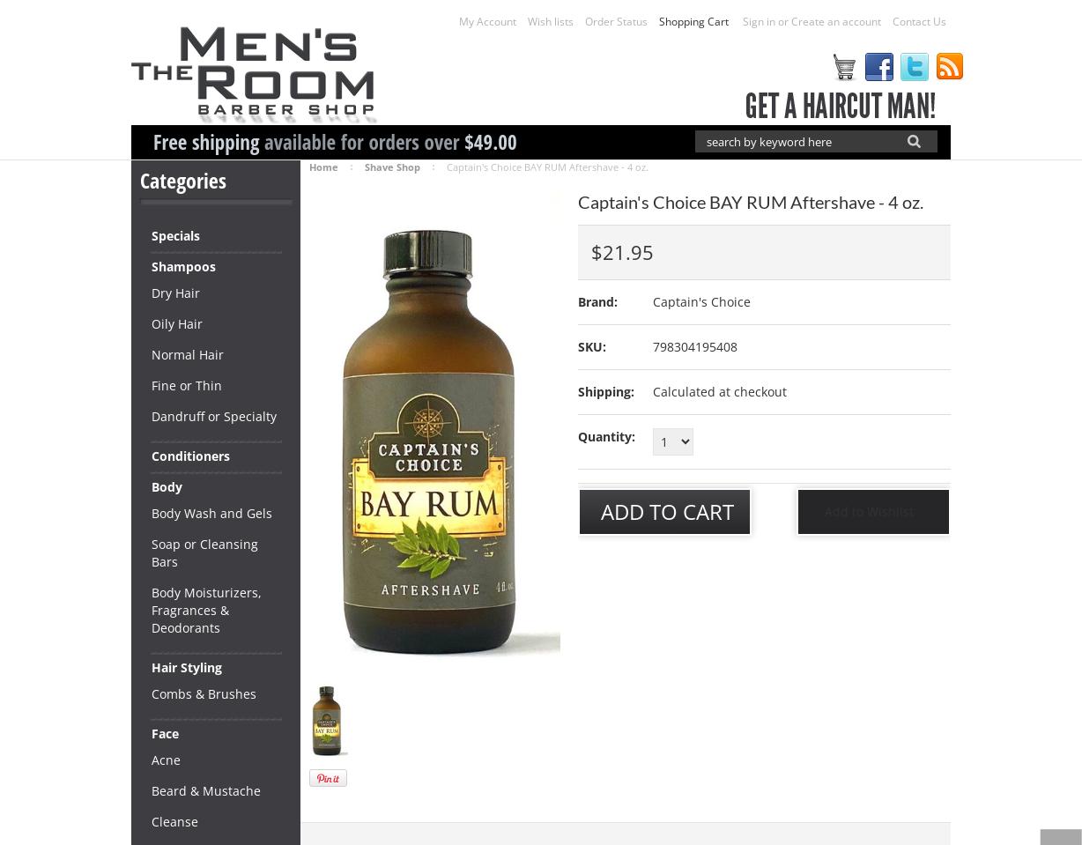  I want to click on 'Fine or Thin', so click(151, 384).